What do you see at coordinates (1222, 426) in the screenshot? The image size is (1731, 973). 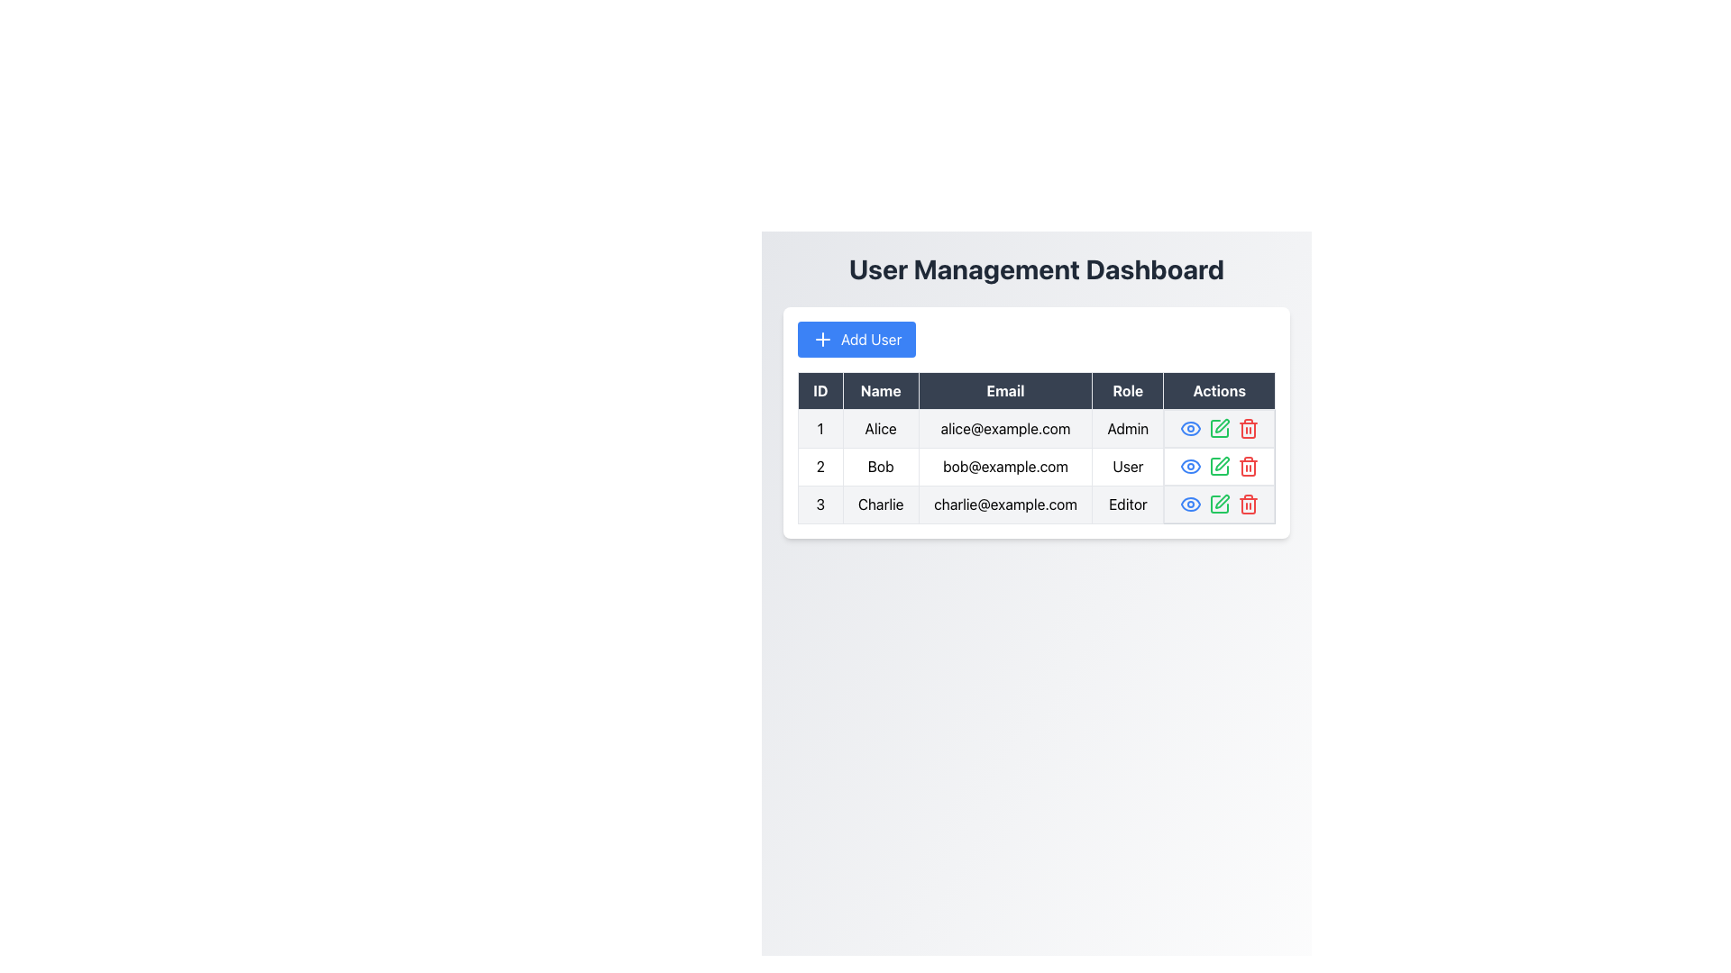 I see `the edit button/icon located in the 'Actions' column for the user 'Bob' to initiate an edit action` at bounding box center [1222, 426].